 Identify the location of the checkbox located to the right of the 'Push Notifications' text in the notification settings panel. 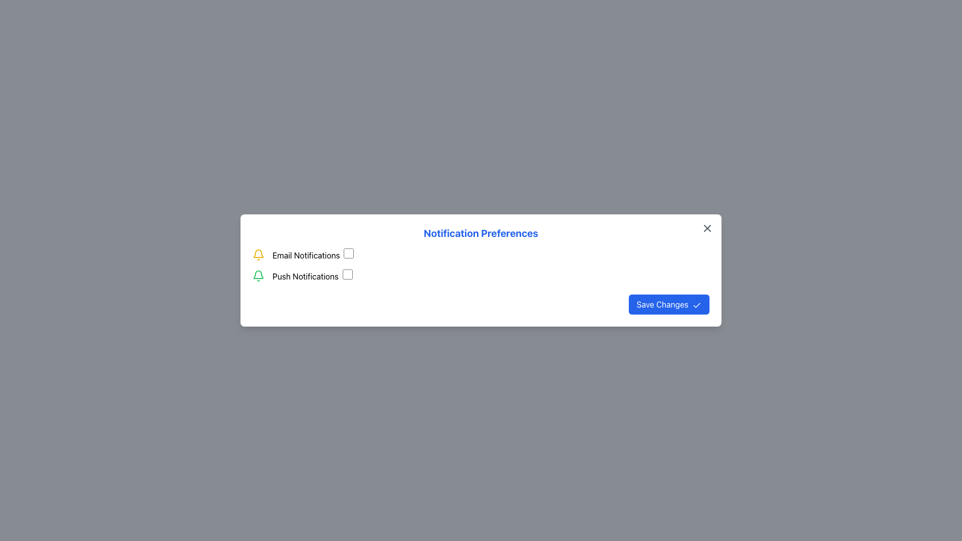
(347, 274).